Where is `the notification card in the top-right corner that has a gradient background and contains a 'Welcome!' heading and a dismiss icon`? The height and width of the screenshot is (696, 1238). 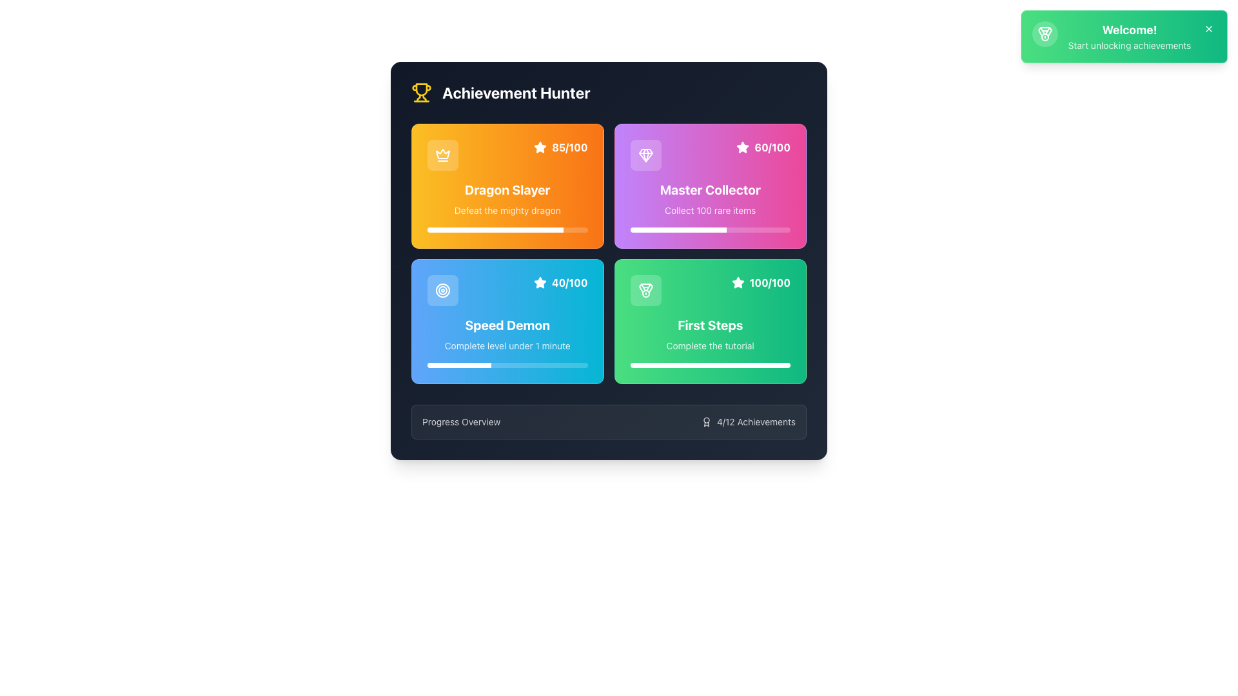 the notification card in the top-right corner that has a gradient background and contains a 'Welcome!' heading and a dismiss icon is located at coordinates (1123, 36).